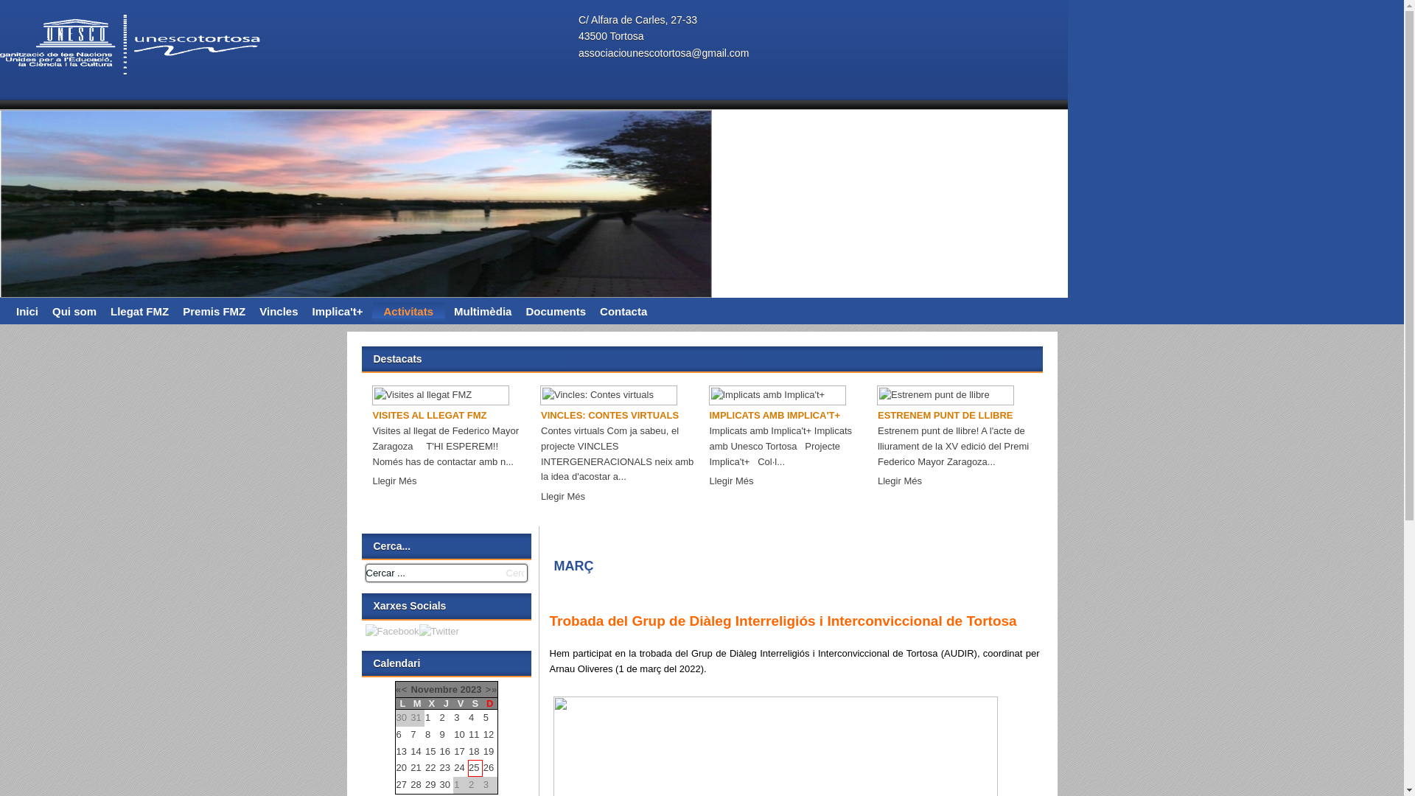 The image size is (1415, 796). Describe the element at coordinates (372, 394) in the screenshot. I see `'Visites al llegat FMZ'` at that location.